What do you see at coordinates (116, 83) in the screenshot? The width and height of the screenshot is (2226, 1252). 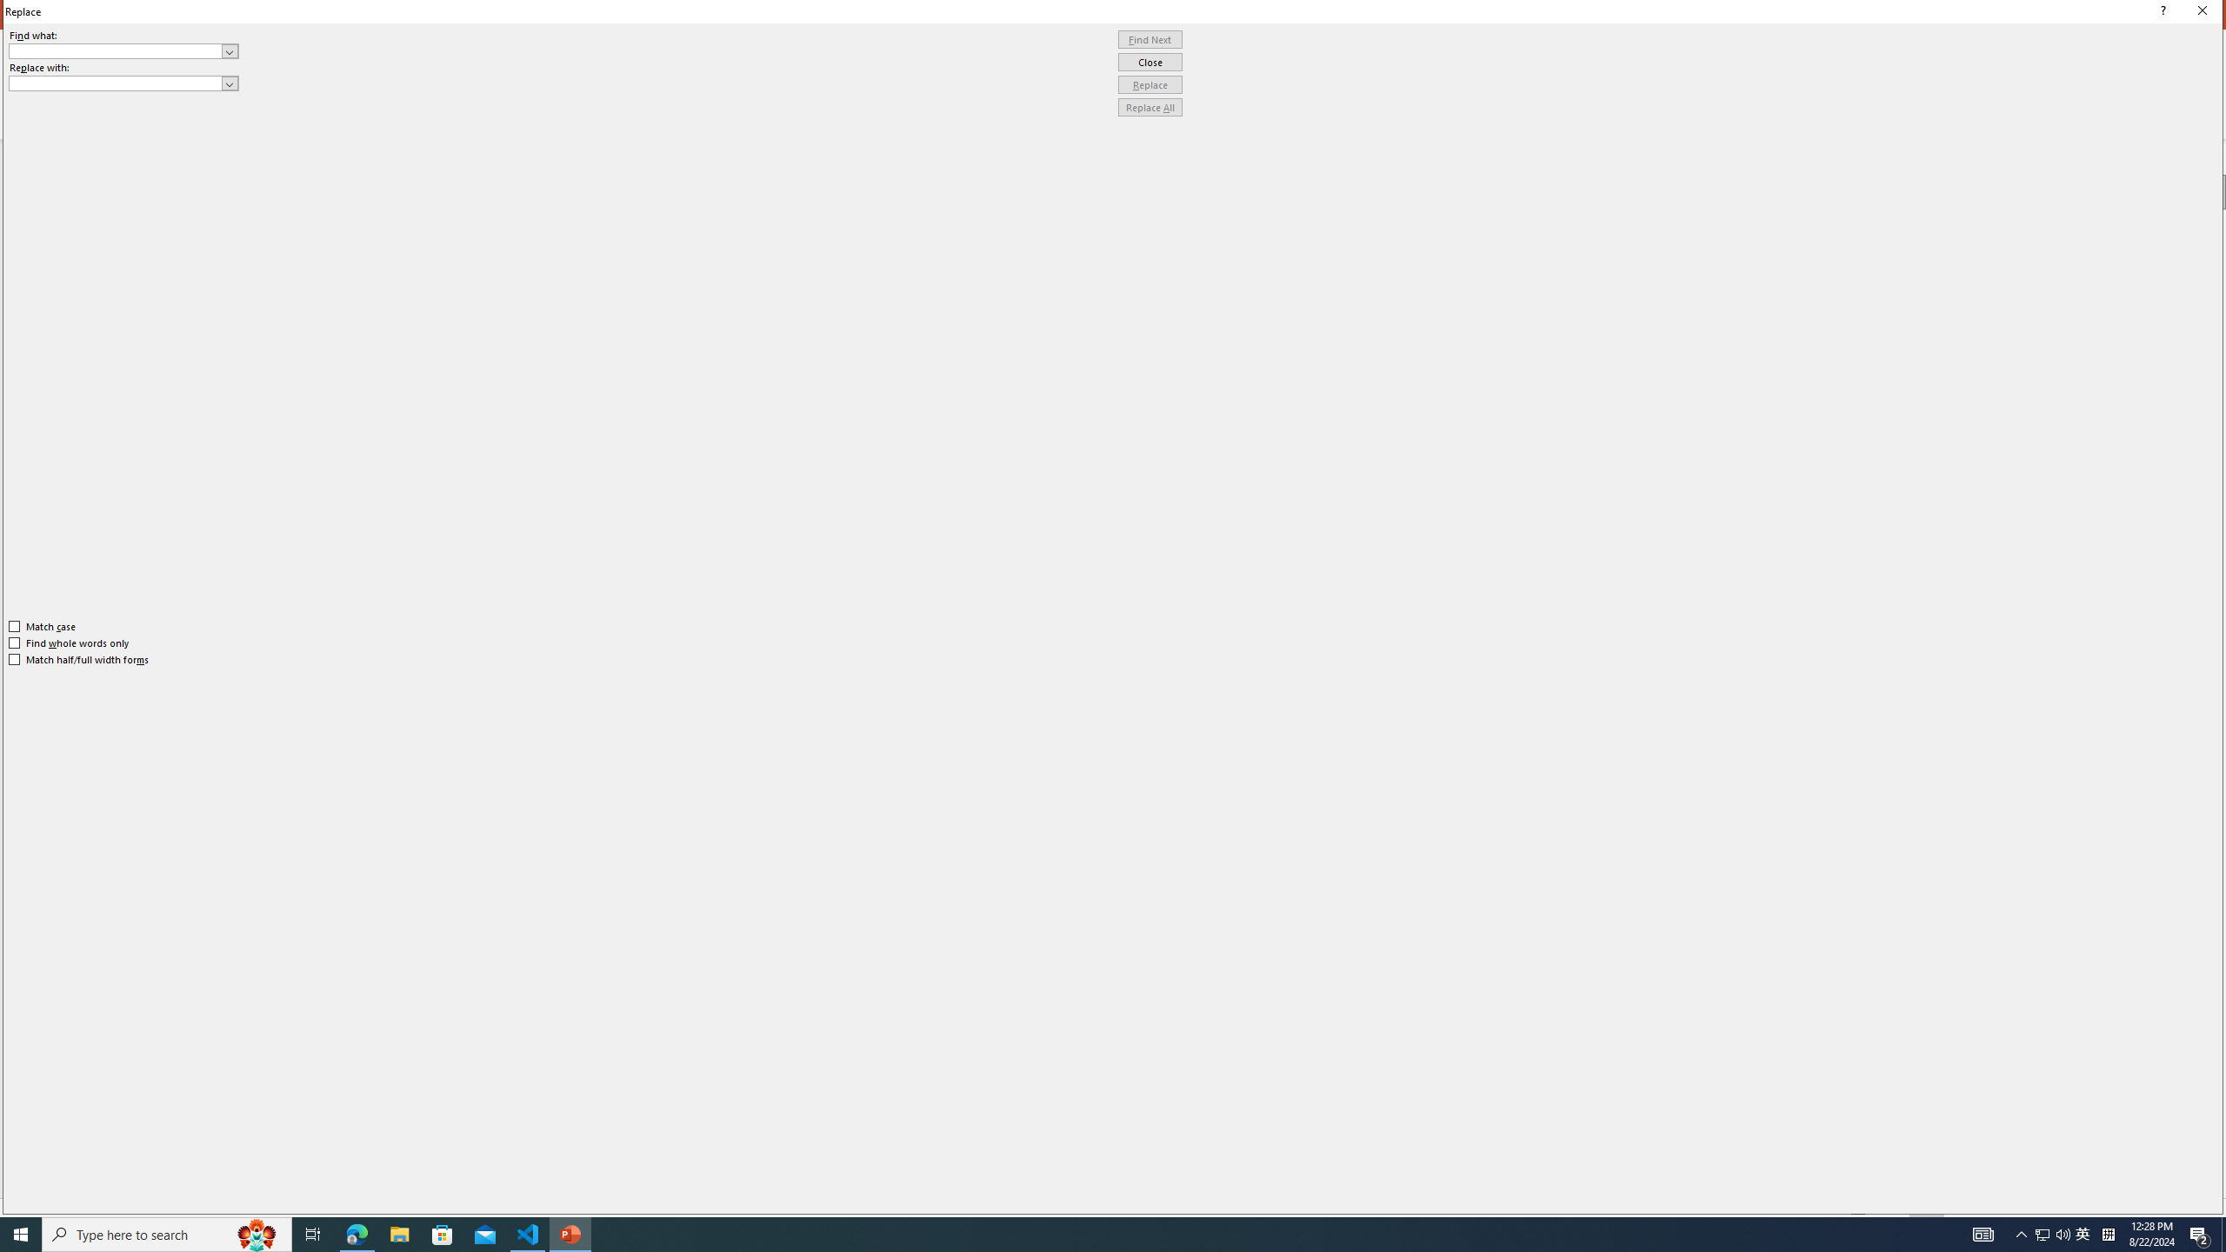 I see `'Replace with'` at bounding box center [116, 83].